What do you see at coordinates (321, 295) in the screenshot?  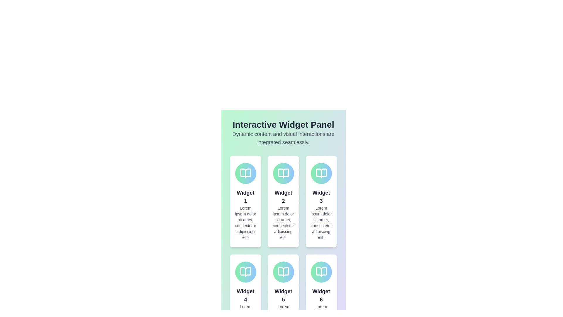 I see `the text label displaying 'Widget 6' which is bold and gray, located in the lower section of the sixth card in the second row, last column of the layout` at bounding box center [321, 295].